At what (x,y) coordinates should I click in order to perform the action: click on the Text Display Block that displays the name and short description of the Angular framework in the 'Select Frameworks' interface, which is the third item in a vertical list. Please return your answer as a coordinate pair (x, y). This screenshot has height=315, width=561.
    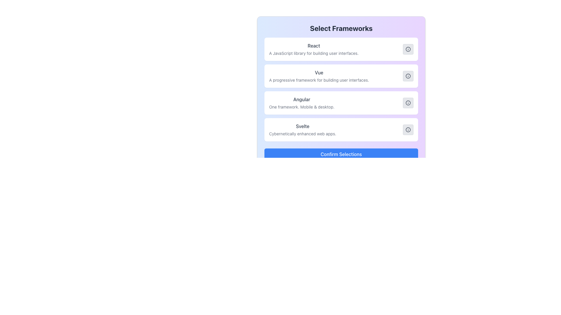
    Looking at the image, I should click on (302, 103).